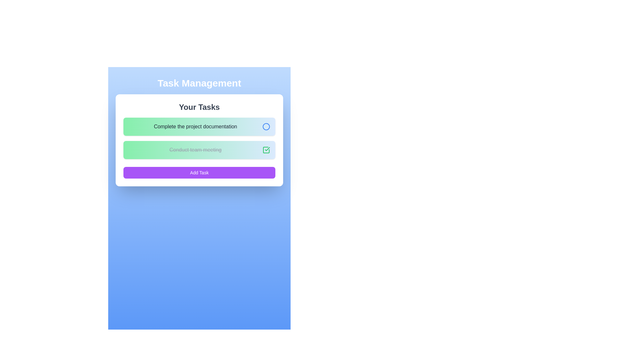 The height and width of the screenshot is (350, 622). Describe the element at coordinates (195, 126) in the screenshot. I see `the text label that reads 'Complete the project documentation' to observe the styling changes in the text color` at that location.